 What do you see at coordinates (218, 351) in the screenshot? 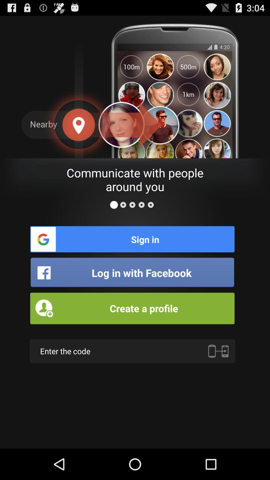
I see `the button below create a profile icon` at bounding box center [218, 351].